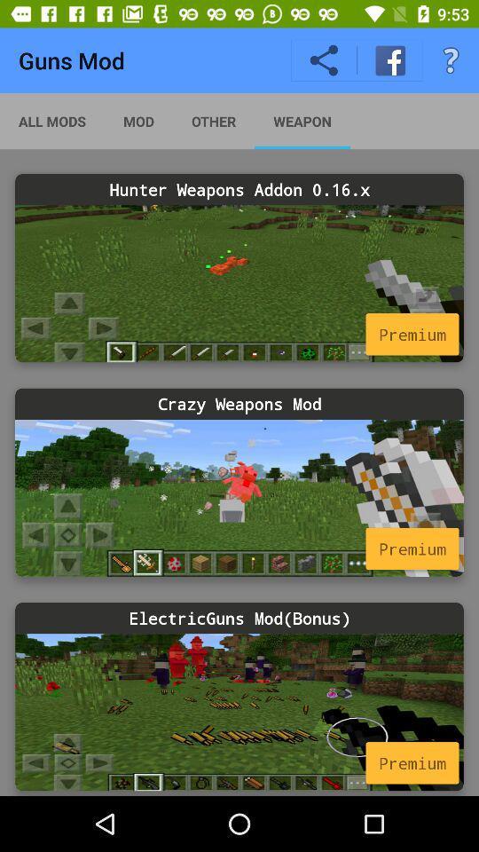 This screenshot has width=479, height=852. I want to click on switch to crazy weapon mod, so click(239, 498).